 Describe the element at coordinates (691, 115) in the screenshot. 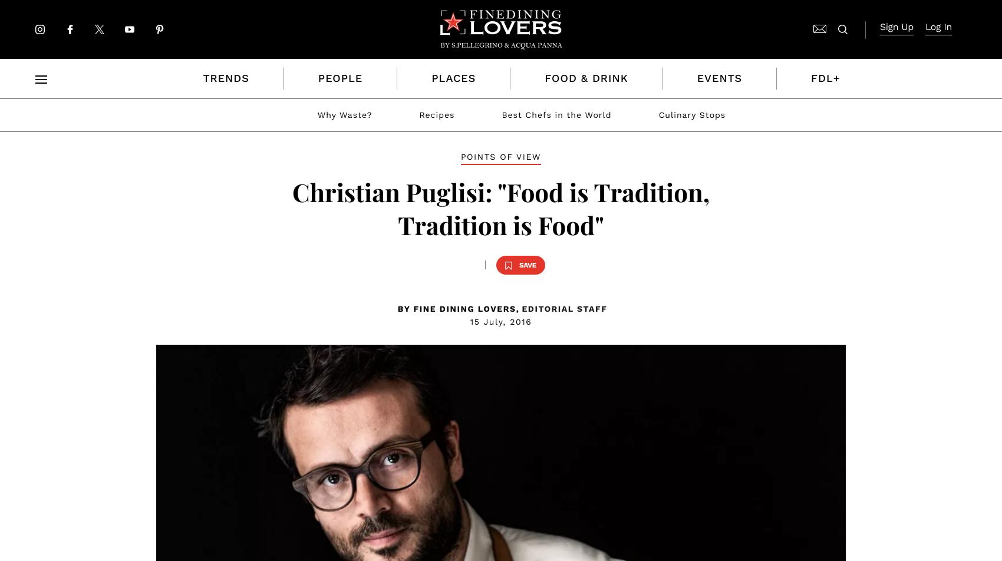

I see `'Culinary Stops'` at that location.